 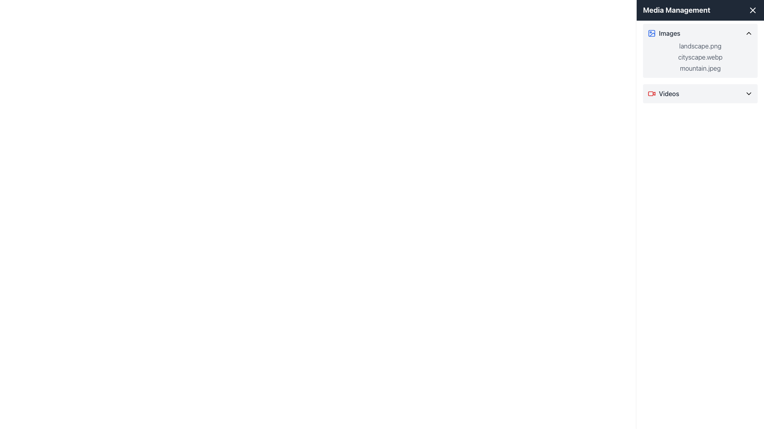 What do you see at coordinates (748, 33) in the screenshot?
I see `the upward-pointing chevron icon located in the top-right corner of the 'Images' section header in the 'Media Management' panel` at bounding box center [748, 33].